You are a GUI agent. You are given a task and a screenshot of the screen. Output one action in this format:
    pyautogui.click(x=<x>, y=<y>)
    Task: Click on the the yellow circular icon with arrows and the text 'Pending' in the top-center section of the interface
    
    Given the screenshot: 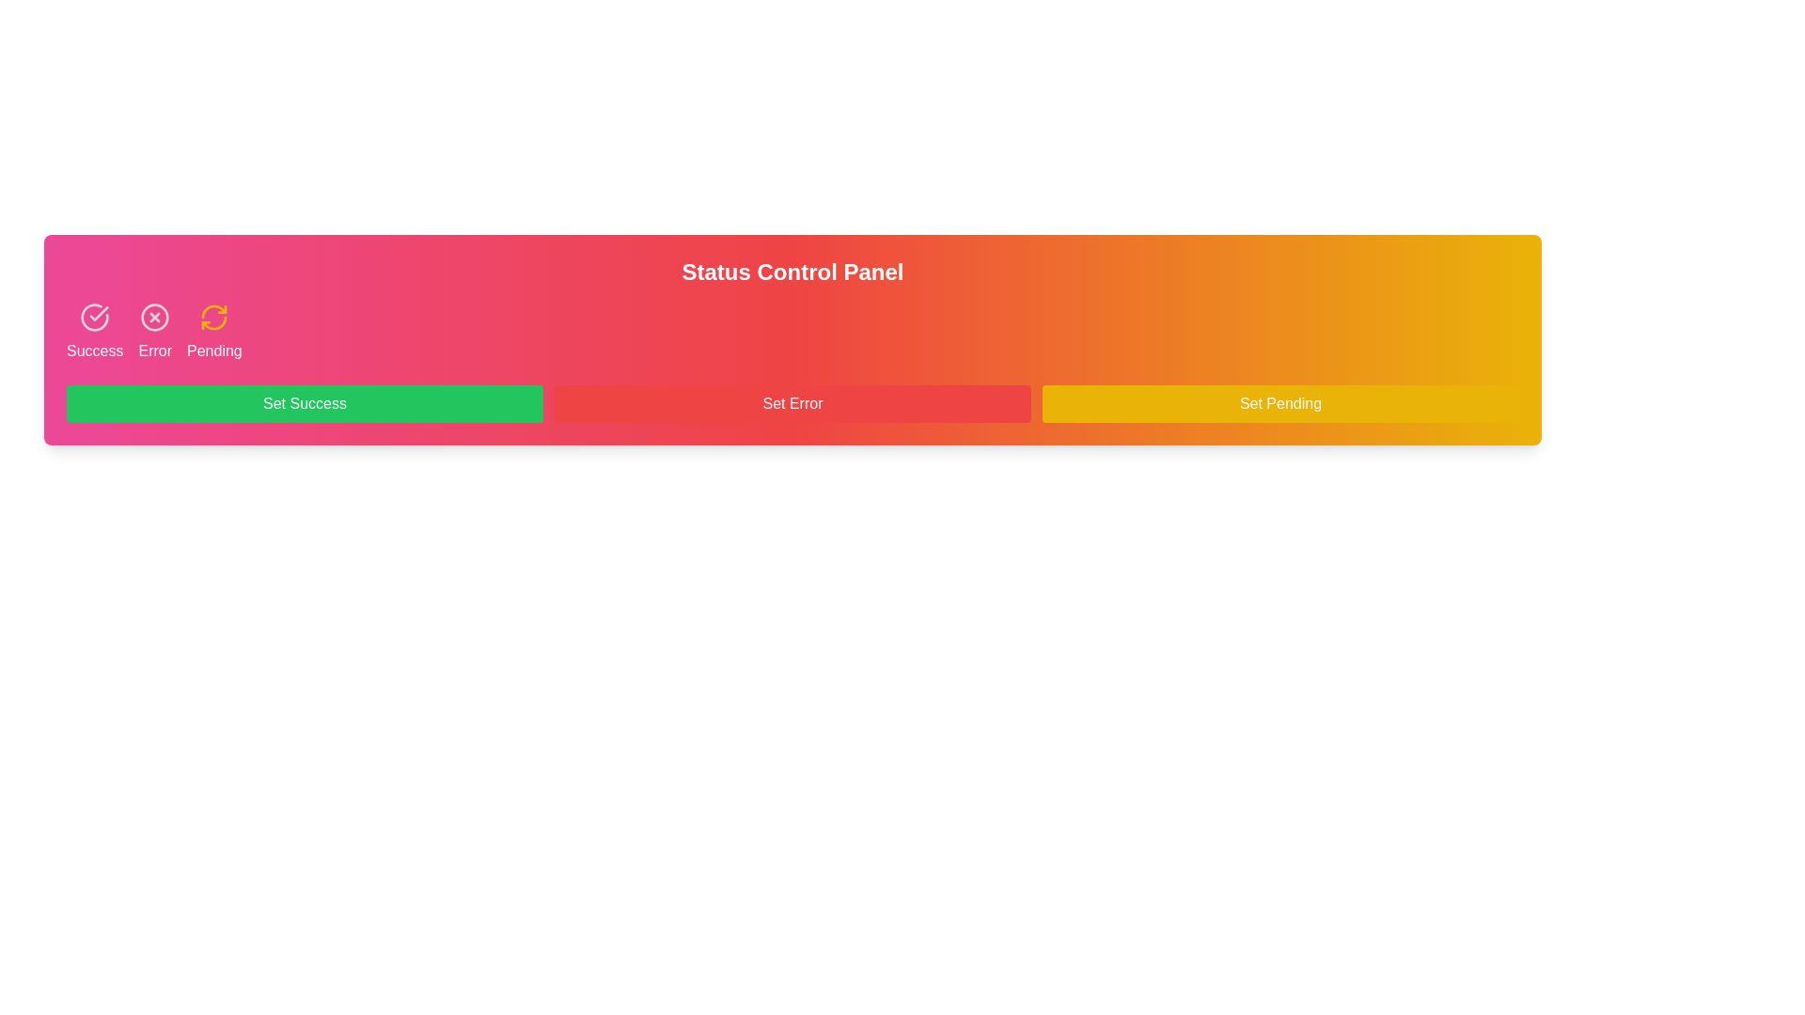 What is the action you would take?
    pyautogui.click(x=214, y=332)
    